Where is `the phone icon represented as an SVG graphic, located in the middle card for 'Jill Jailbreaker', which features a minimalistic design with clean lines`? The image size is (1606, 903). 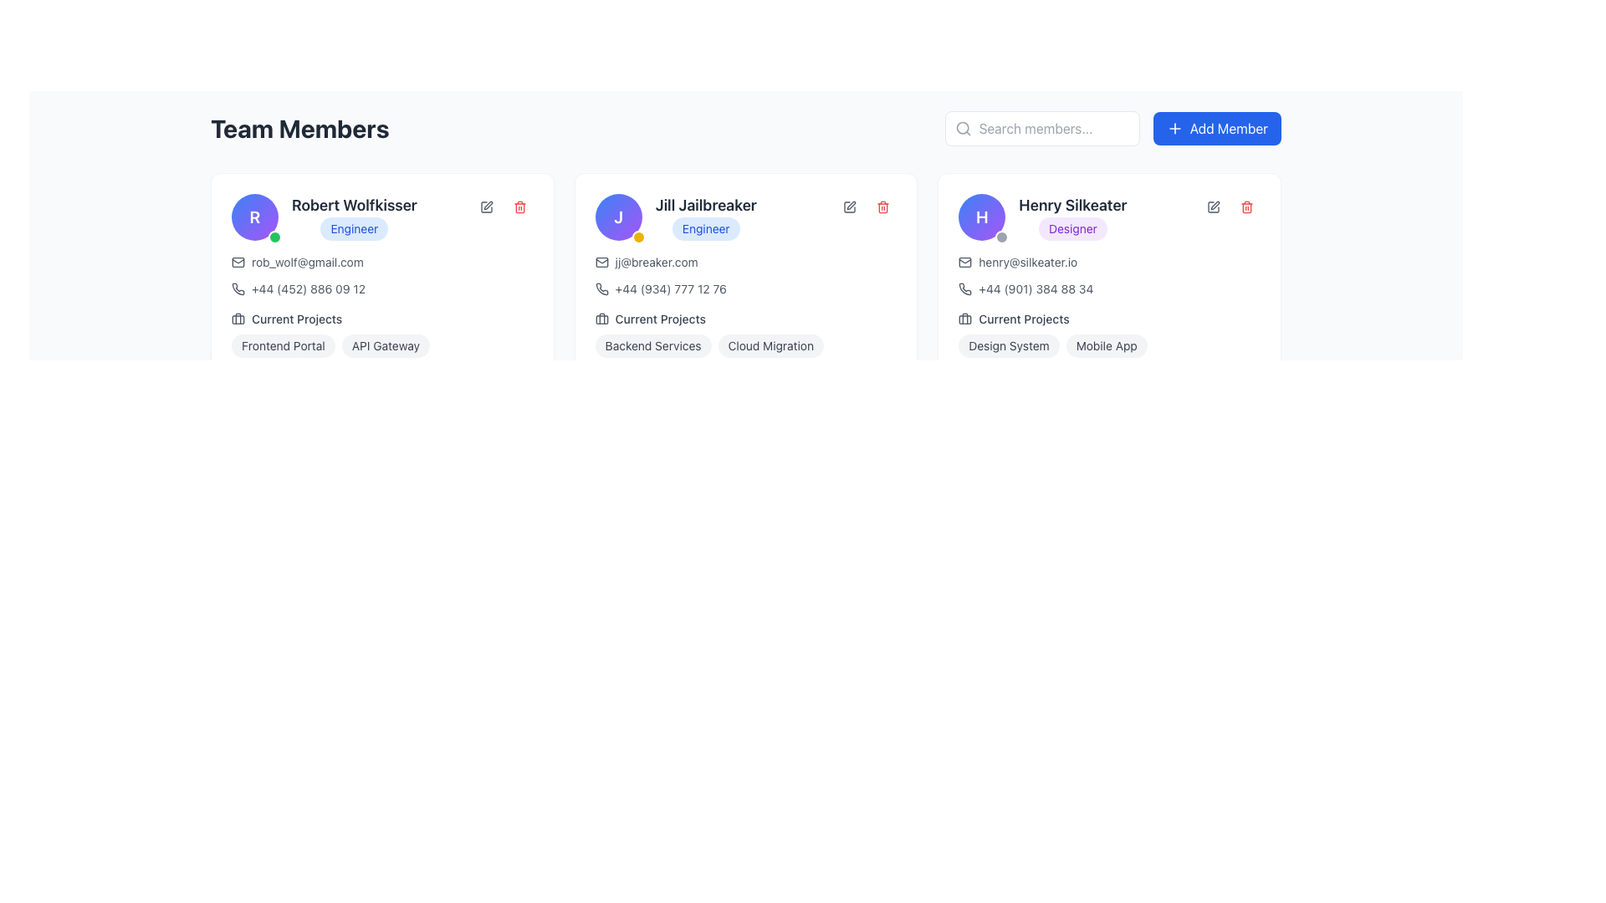
the phone icon represented as an SVG graphic, located in the middle card for 'Jill Jailbreaker', which features a minimalistic design with clean lines is located at coordinates (601, 288).